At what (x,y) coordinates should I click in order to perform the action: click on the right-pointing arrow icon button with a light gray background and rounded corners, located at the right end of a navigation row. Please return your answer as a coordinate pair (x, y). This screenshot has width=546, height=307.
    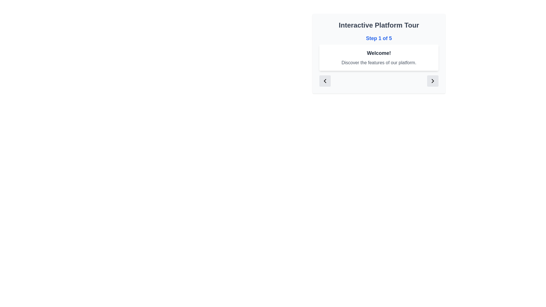
    Looking at the image, I should click on (432, 81).